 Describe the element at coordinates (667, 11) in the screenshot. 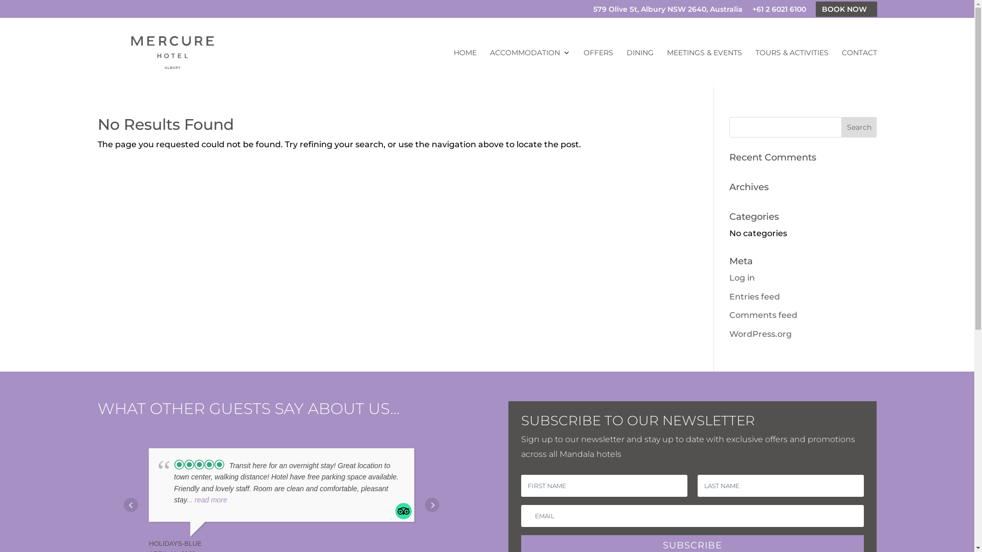

I see `'579 Olive St, Albury NSW 2640, Australia'` at that location.